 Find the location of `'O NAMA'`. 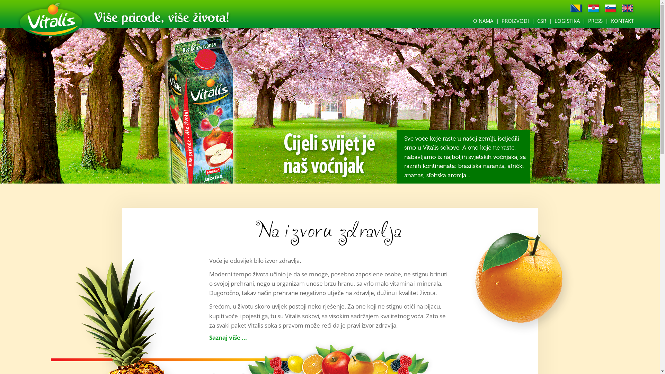

'O NAMA' is located at coordinates (483, 20).